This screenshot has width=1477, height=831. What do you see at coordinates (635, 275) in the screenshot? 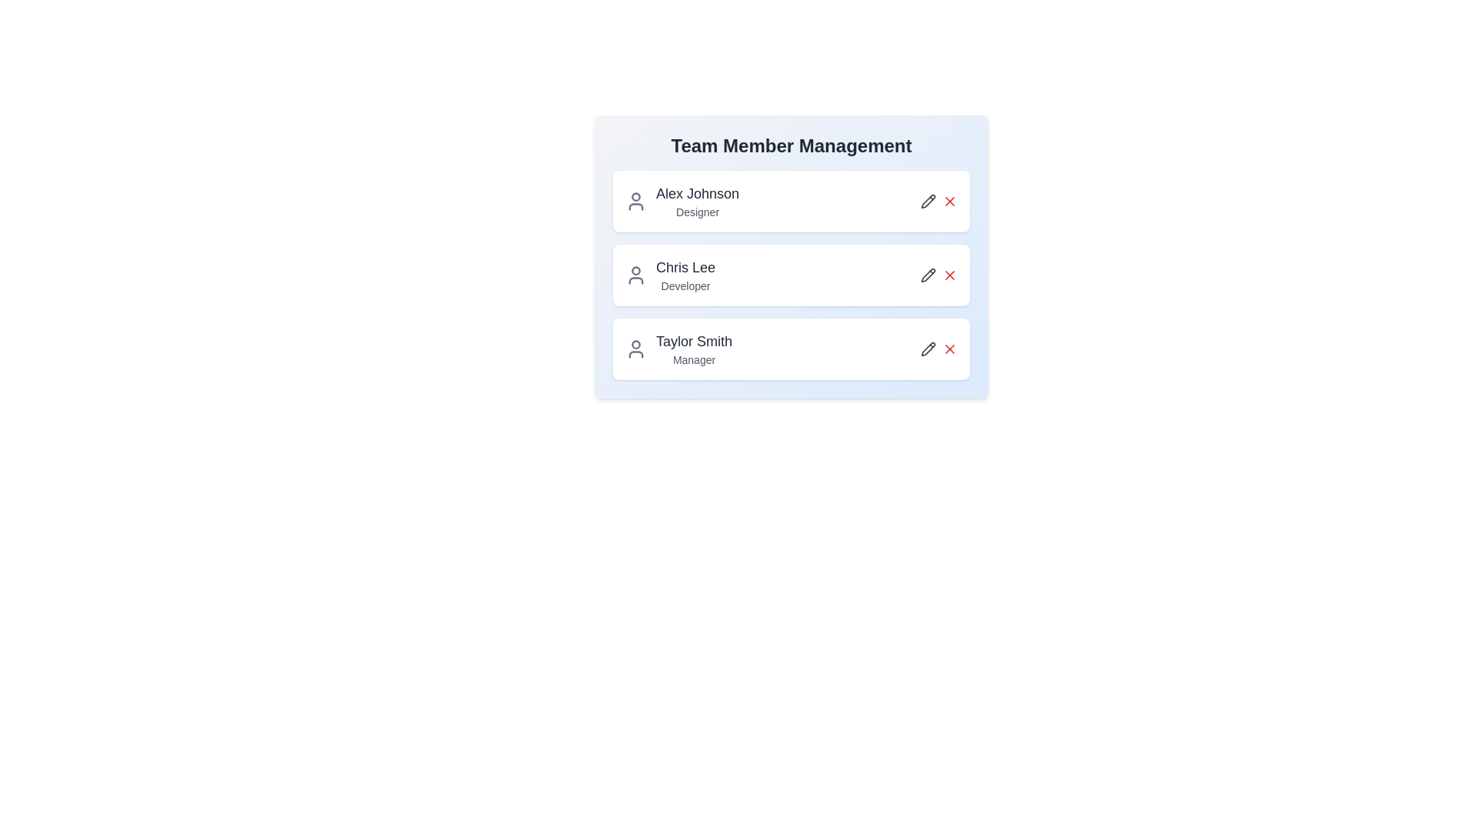
I see `the user icon for Chris Lee` at bounding box center [635, 275].